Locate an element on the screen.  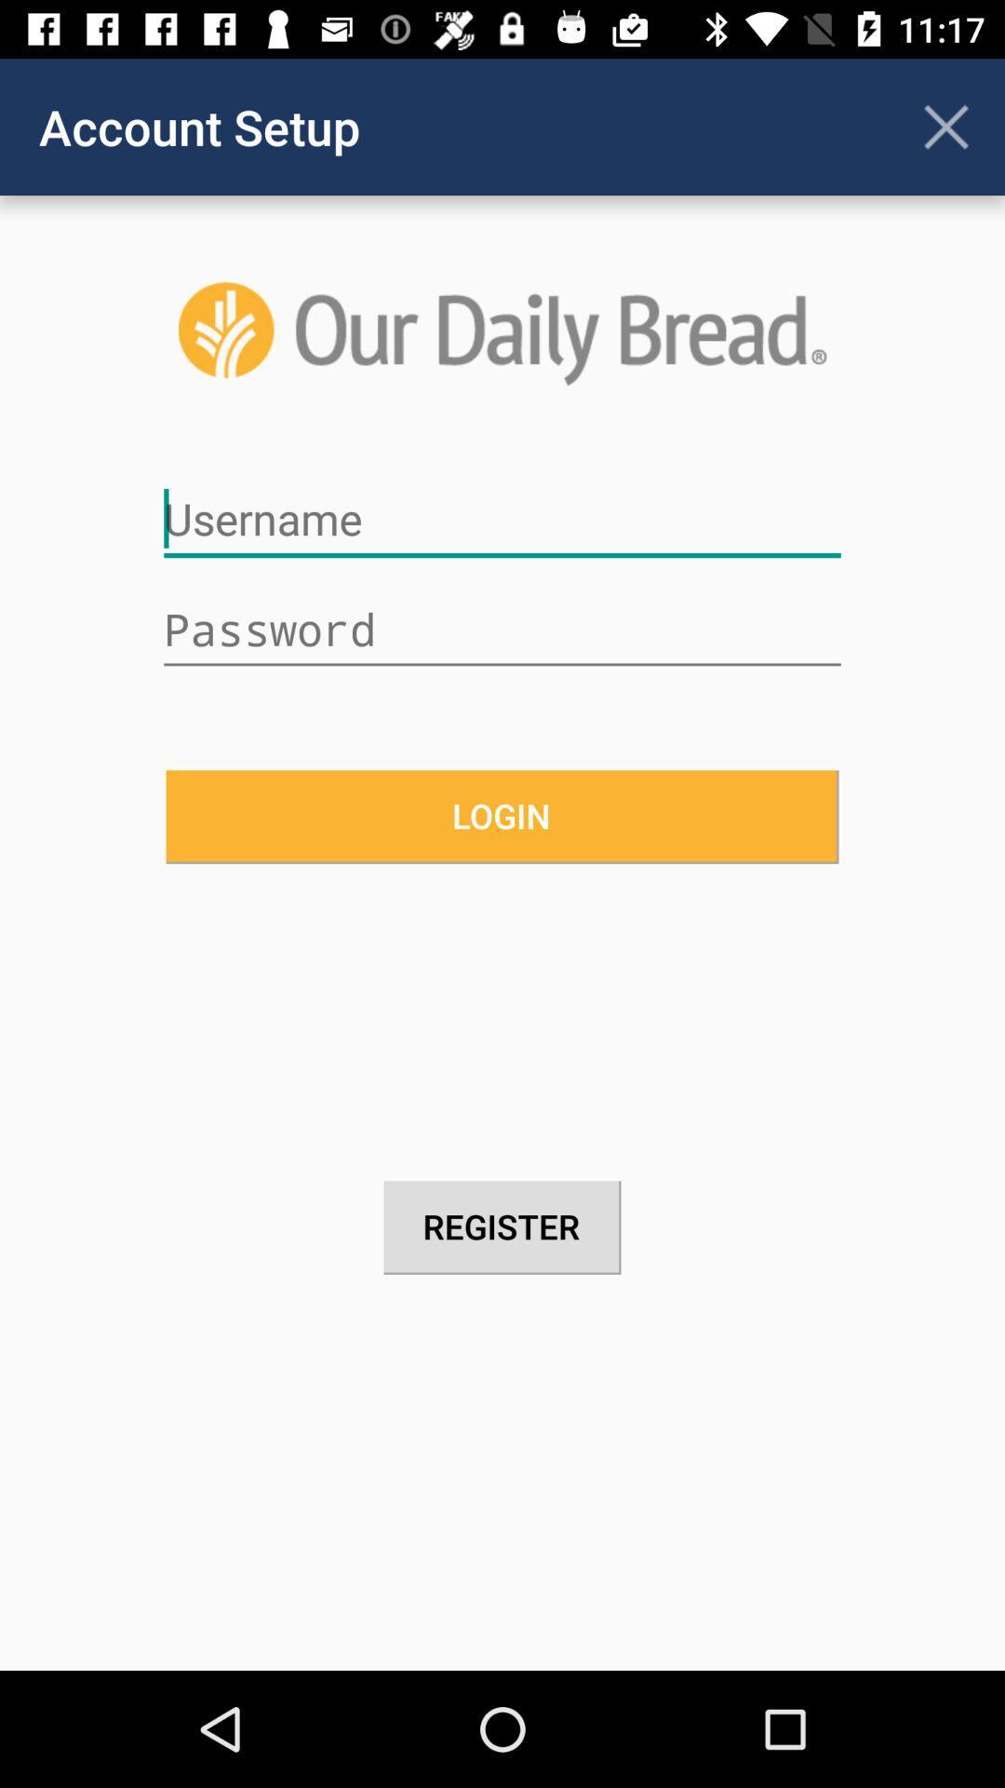
the register icon is located at coordinates (502, 1227).